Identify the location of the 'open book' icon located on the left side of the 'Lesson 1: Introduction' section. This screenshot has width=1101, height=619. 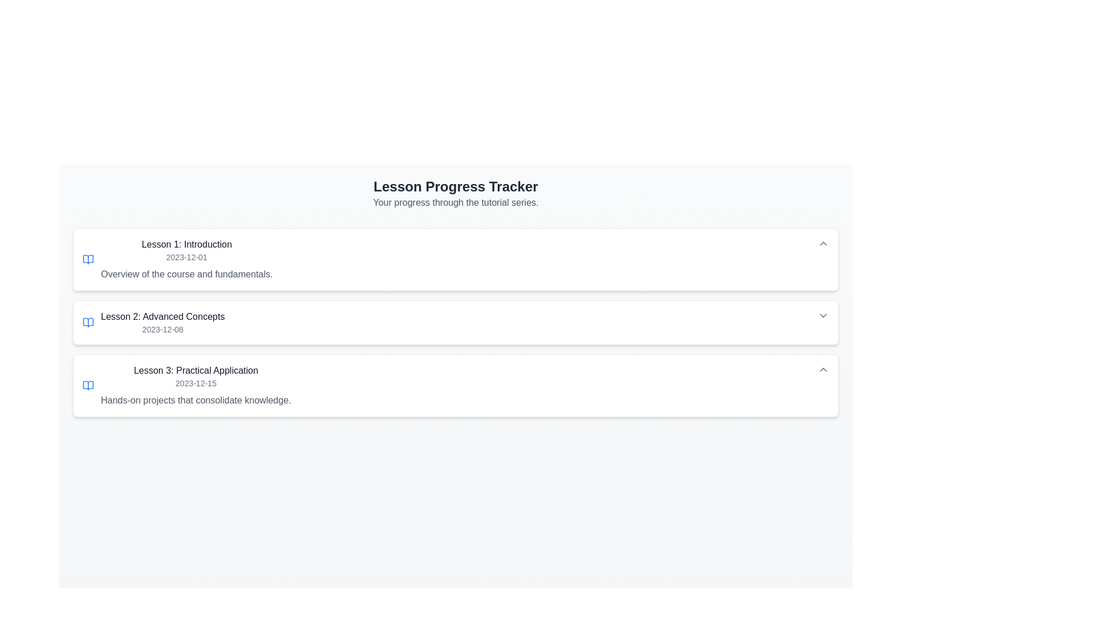
(87, 259).